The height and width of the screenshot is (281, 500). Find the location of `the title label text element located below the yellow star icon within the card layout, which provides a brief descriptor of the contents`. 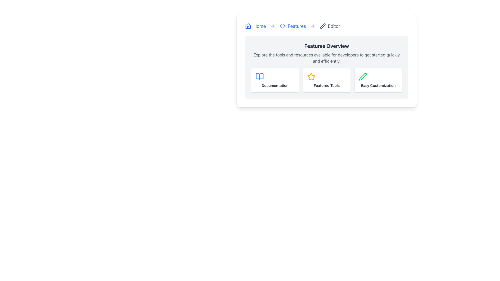

the title label text element located below the yellow star icon within the card layout, which provides a brief descriptor of the contents is located at coordinates (326, 85).